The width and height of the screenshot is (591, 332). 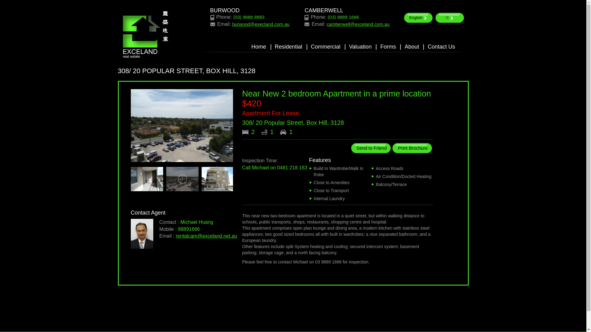 What do you see at coordinates (343, 17) in the screenshot?
I see `'(03) 9889 1666'` at bounding box center [343, 17].